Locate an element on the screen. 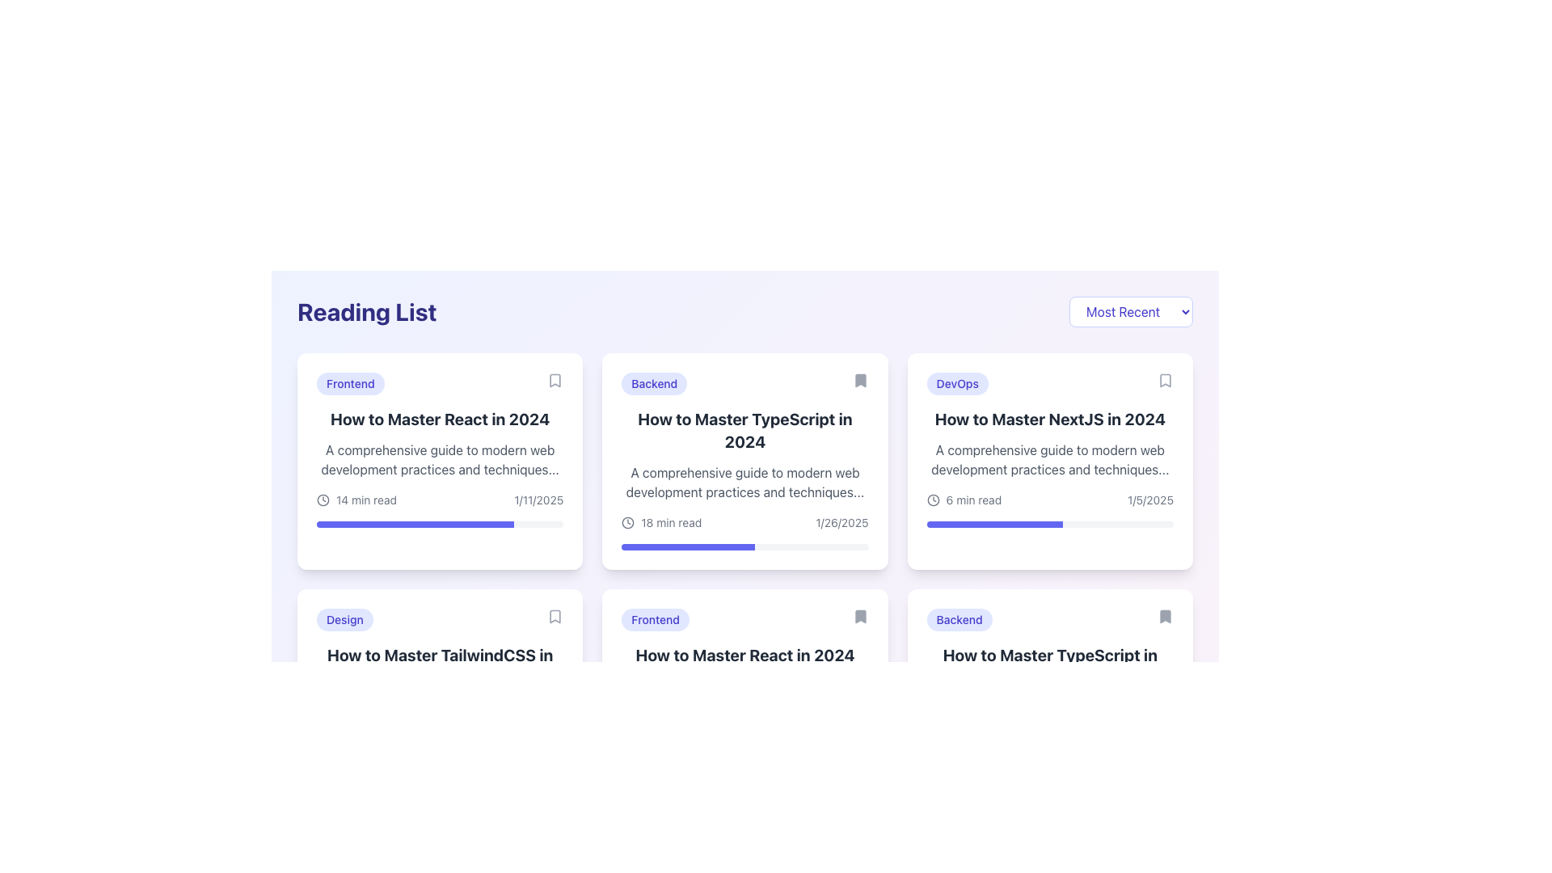 This screenshot has height=873, width=1552. the progress bar located at the bottom of the card titled 'How to Master React in 2024', which visually represents the completion percentage of a related task is located at coordinates (440, 524).